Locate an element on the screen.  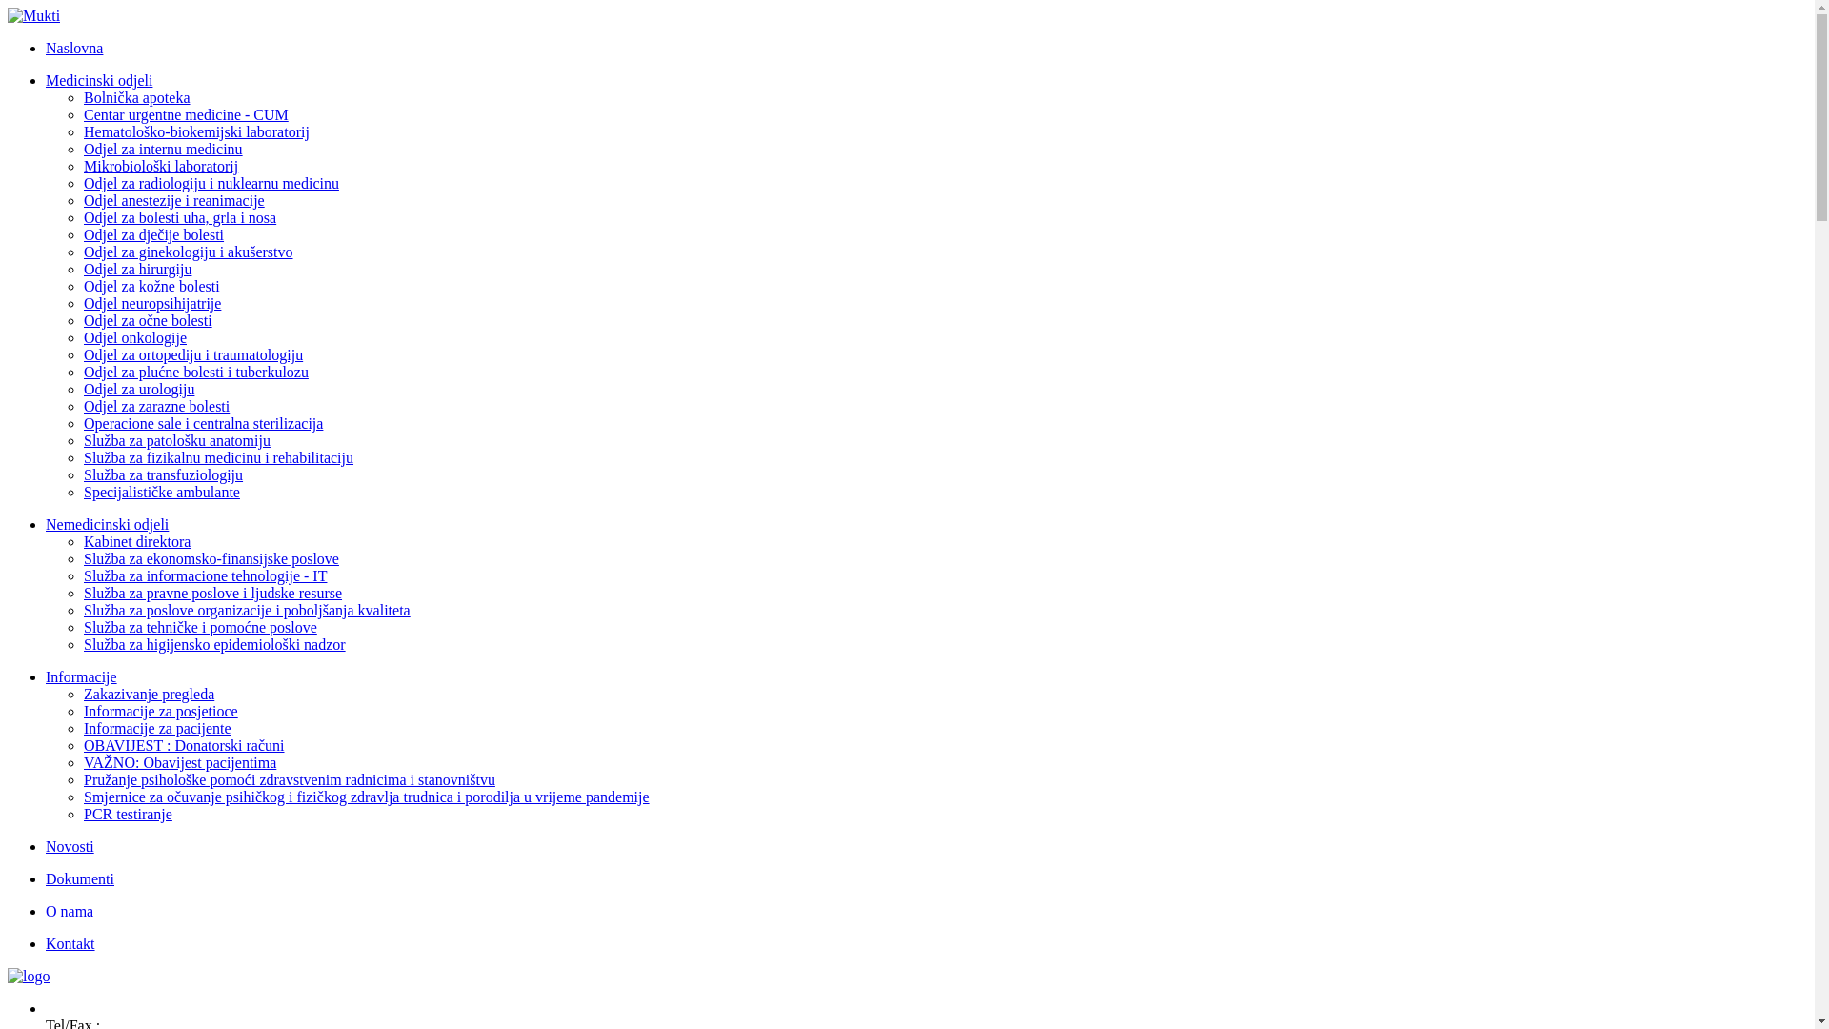
'Informacije' is located at coordinates (80, 676).